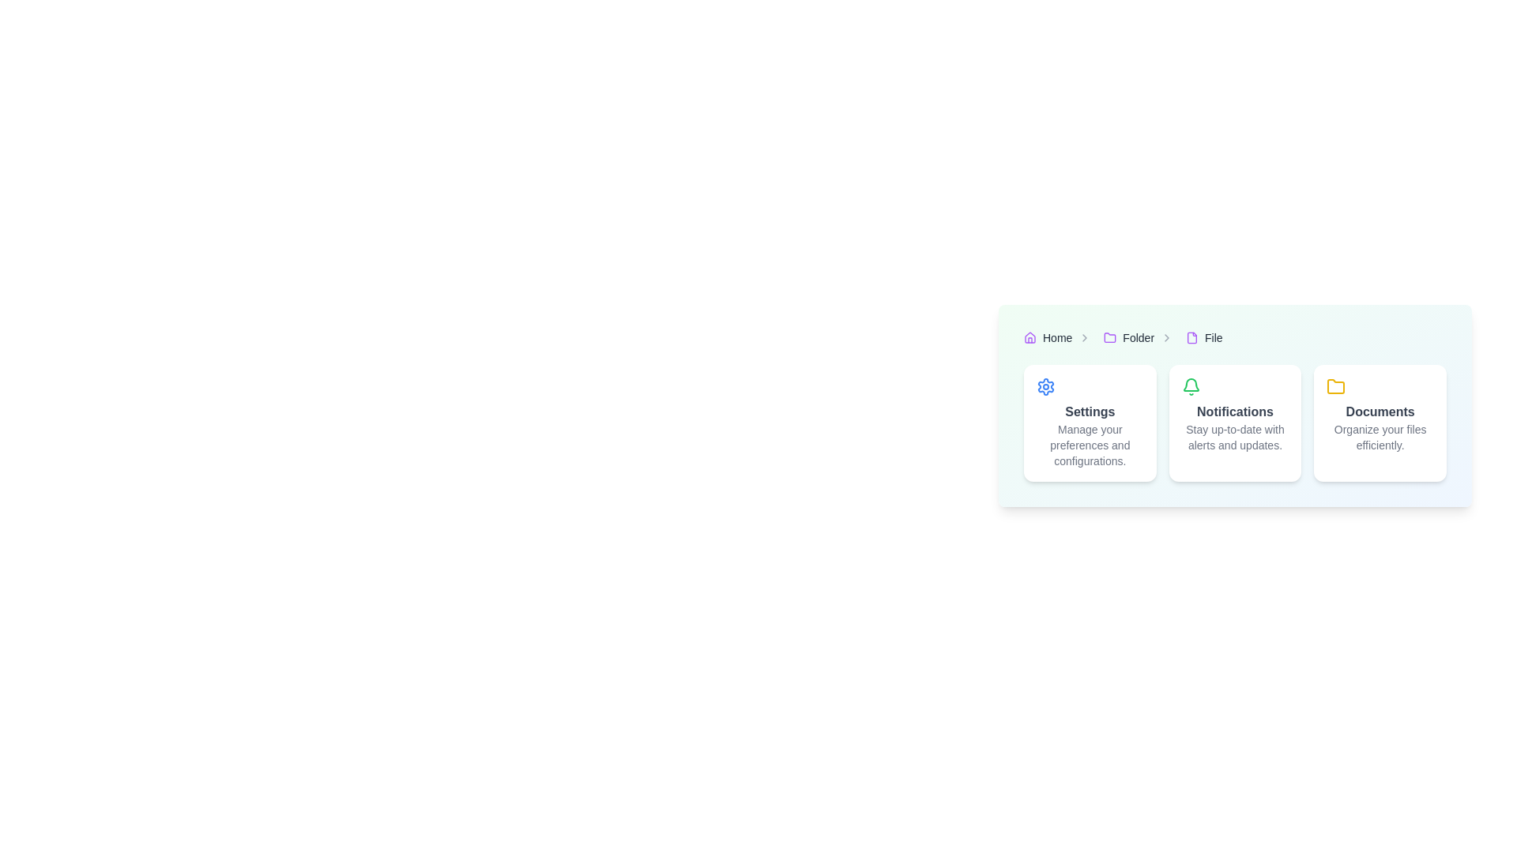 The image size is (1517, 853). I want to click on the Hyperlink text in the breadcrumb trail, so click(1138, 337).